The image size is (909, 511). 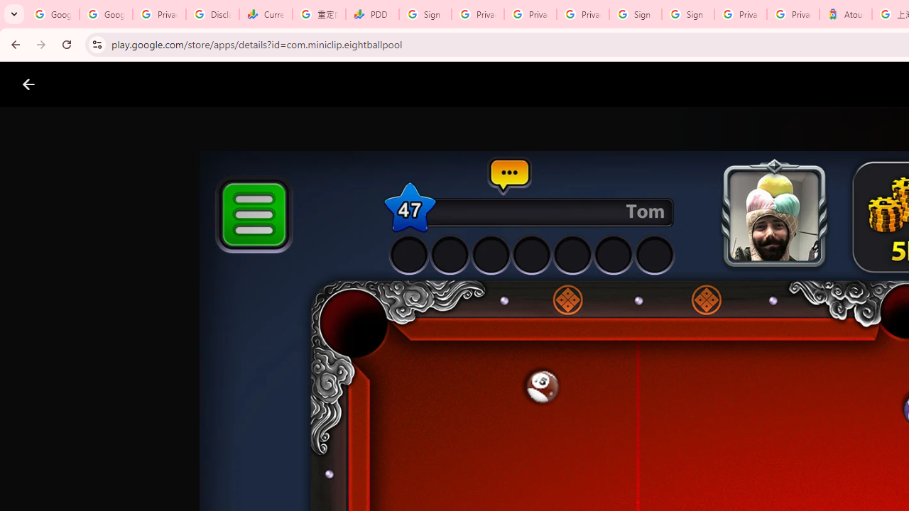 I want to click on 'Close screenshot viewer', so click(x=28, y=84).